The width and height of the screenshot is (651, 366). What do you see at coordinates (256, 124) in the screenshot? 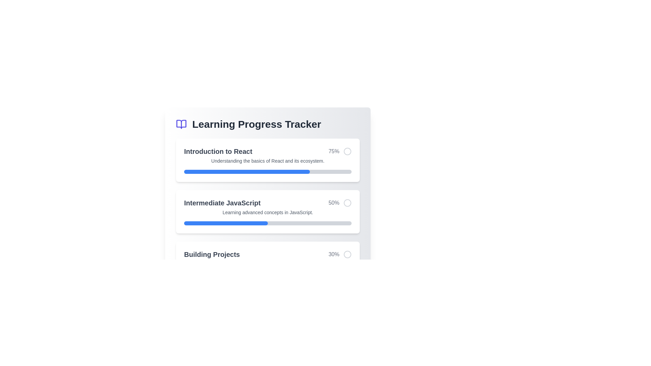
I see `the header text 'Learning Progress Tracker', which is prominently displayed in large, bold, dark-gray text, located to the right of an open book icon` at bounding box center [256, 124].